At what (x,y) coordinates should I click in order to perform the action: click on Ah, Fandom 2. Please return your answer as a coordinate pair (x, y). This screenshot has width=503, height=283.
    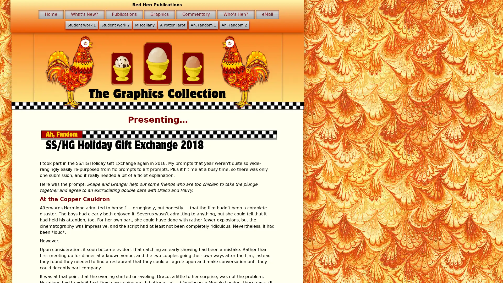
    Looking at the image, I should click on (234, 25).